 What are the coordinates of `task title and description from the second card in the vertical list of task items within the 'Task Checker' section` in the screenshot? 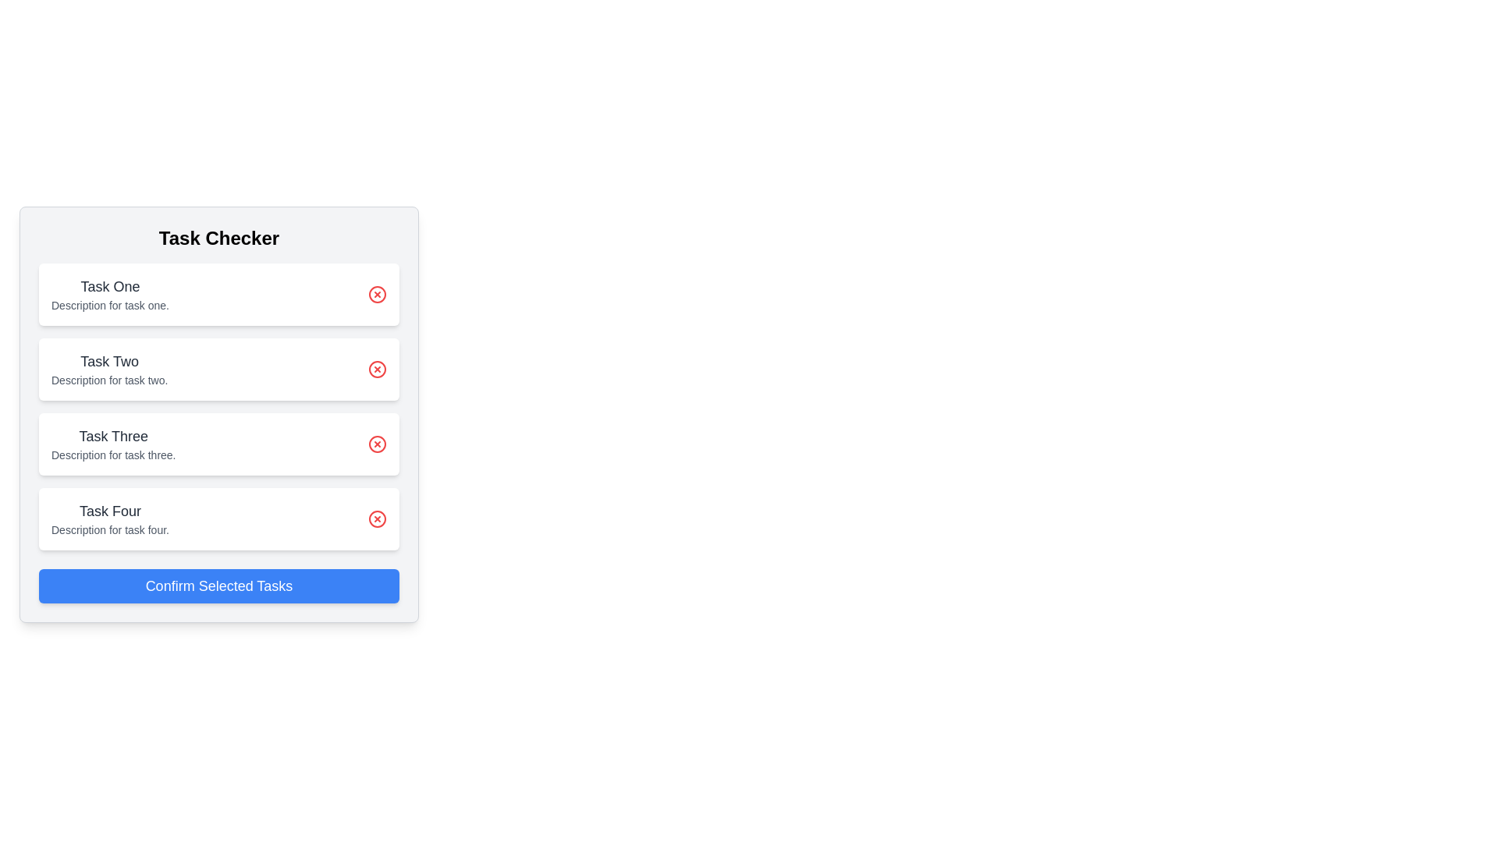 It's located at (218, 370).